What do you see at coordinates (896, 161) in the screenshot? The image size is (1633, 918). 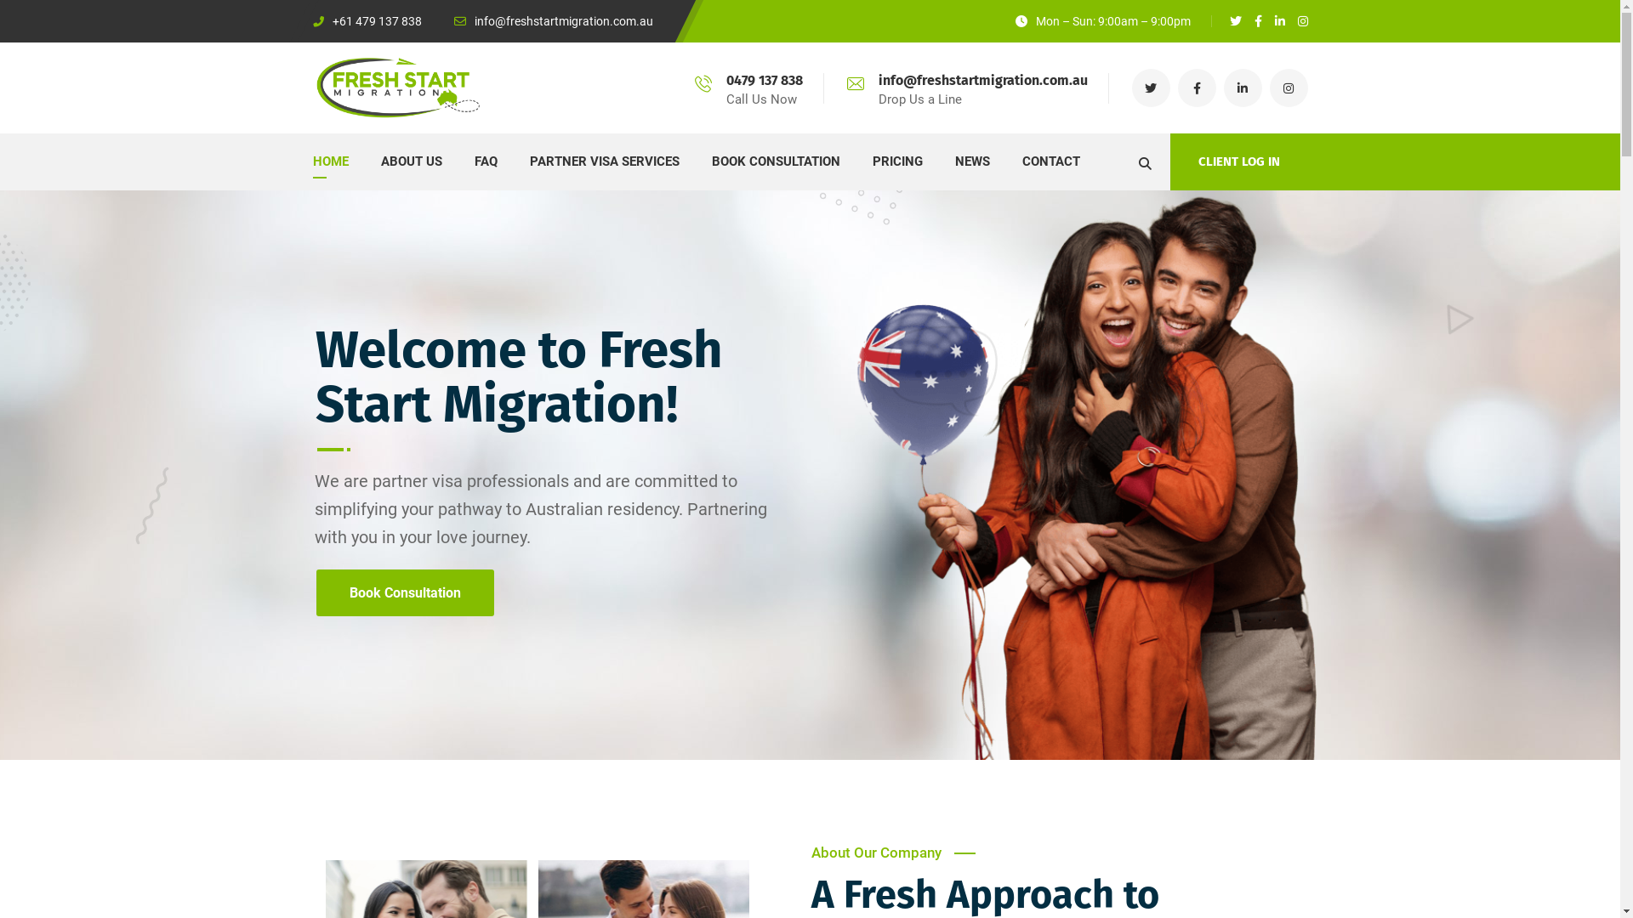 I see `'PRICING'` at bounding box center [896, 161].